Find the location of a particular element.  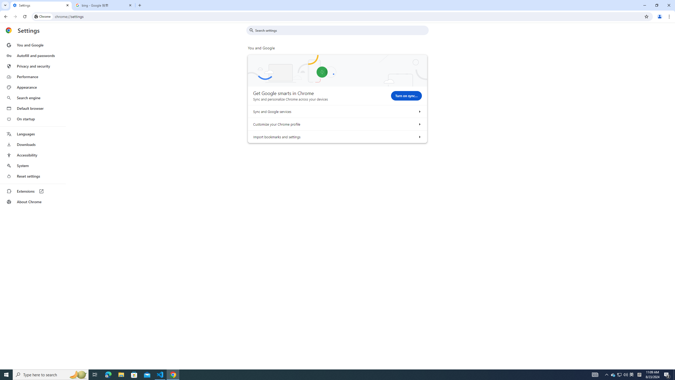

'Settings' is located at coordinates (41, 5).